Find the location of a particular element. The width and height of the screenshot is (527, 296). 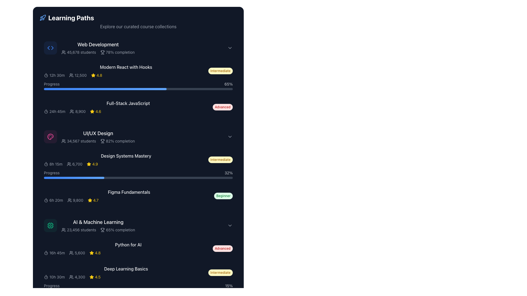

the small blue rocket-shaped icon located to the far left of the 'Learning Paths' header text is located at coordinates (43, 18).